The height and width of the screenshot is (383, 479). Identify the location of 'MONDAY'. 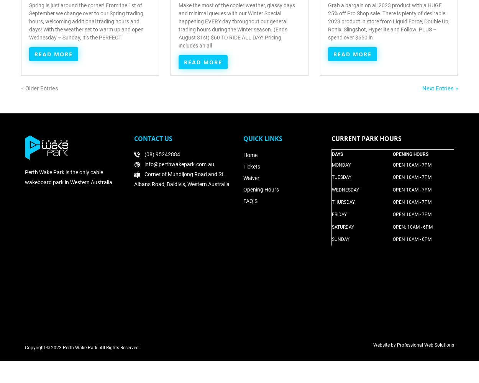
(341, 165).